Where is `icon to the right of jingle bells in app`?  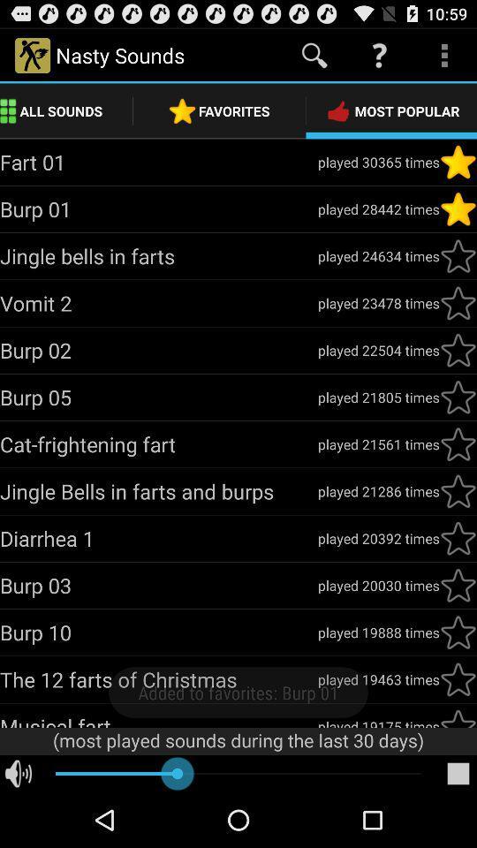 icon to the right of jingle bells in app is located at coordinates (377, 491).